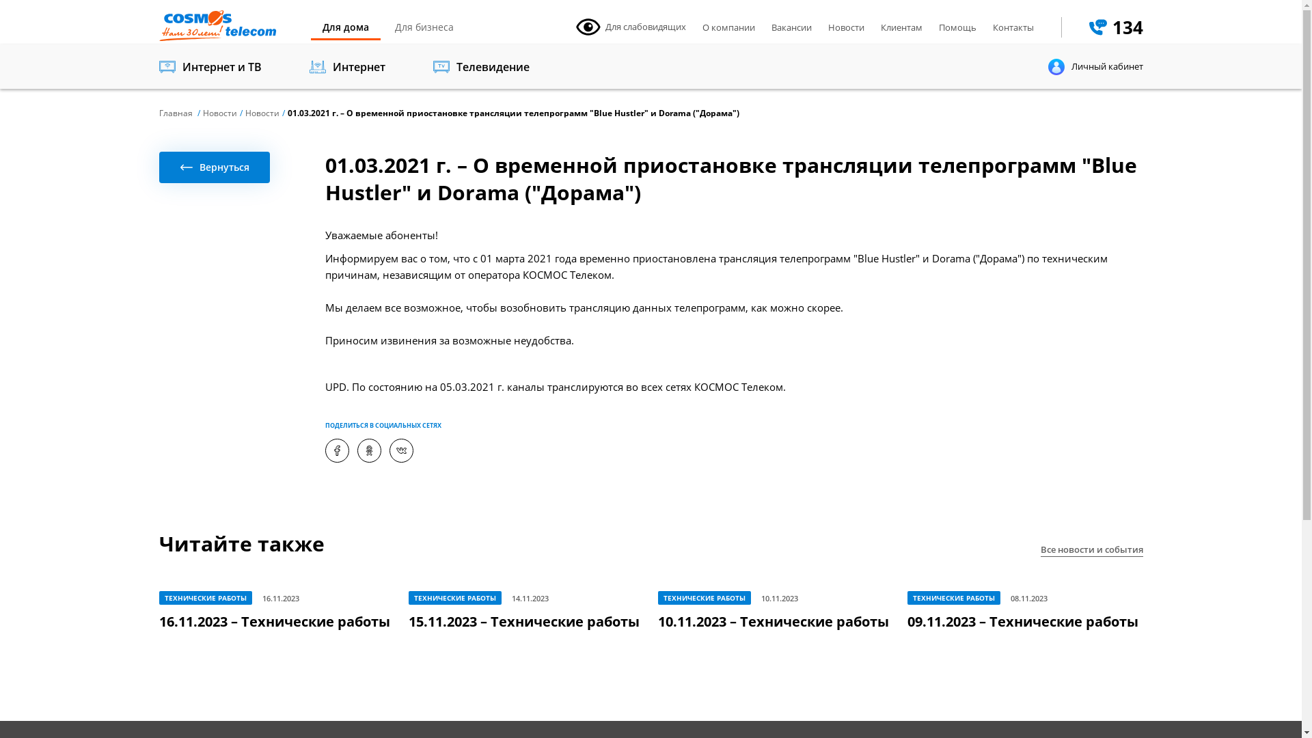  What do you see at coordinates (1116, 27) in the screenshot?
I see `'134'` at bounding box center [1116, 27].